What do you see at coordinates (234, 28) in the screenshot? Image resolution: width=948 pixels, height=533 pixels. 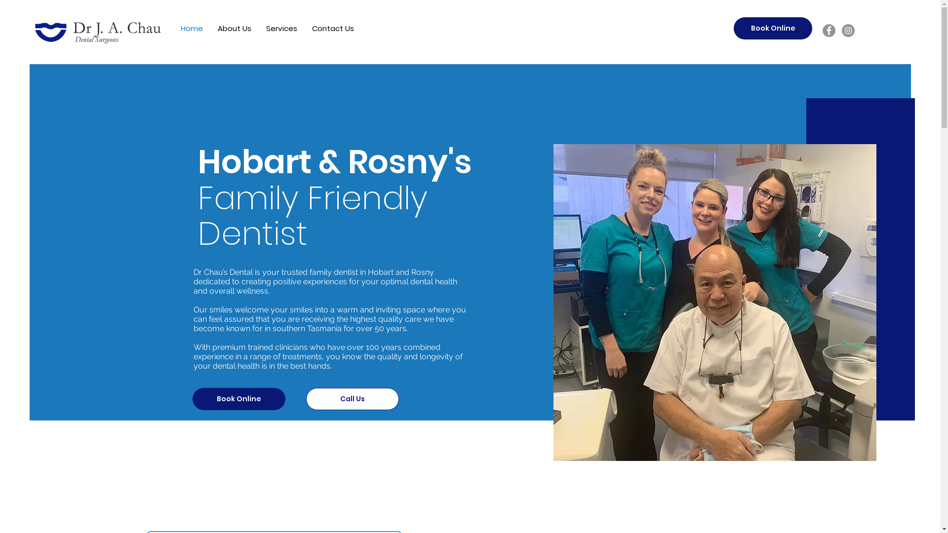 I see `'About Us'` at bounding box center [234, 28].